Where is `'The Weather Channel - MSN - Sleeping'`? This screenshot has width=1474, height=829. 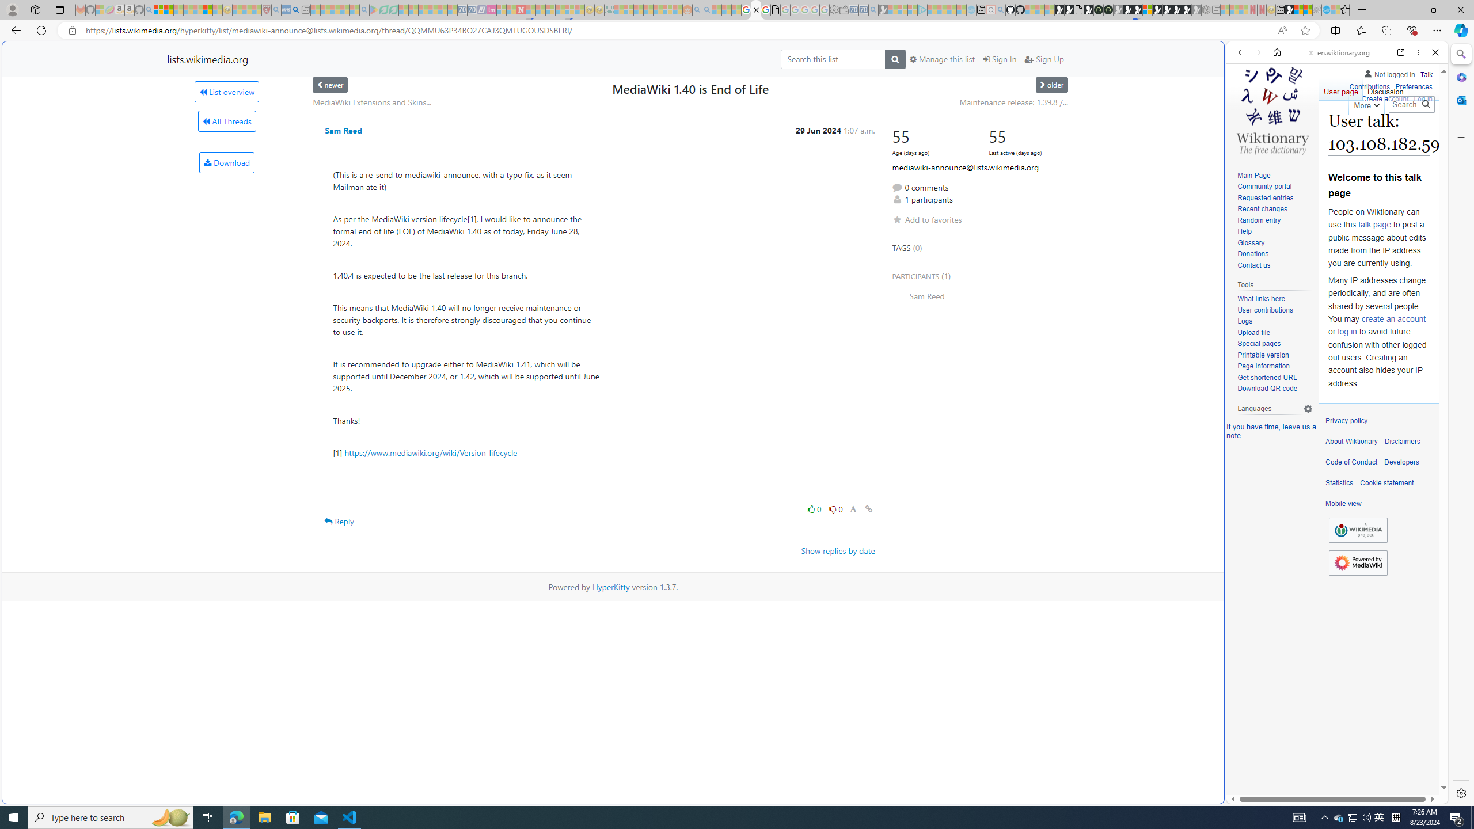 'The Weather Channel - MSN - Sleeping' is located at coordinates (178, 9).